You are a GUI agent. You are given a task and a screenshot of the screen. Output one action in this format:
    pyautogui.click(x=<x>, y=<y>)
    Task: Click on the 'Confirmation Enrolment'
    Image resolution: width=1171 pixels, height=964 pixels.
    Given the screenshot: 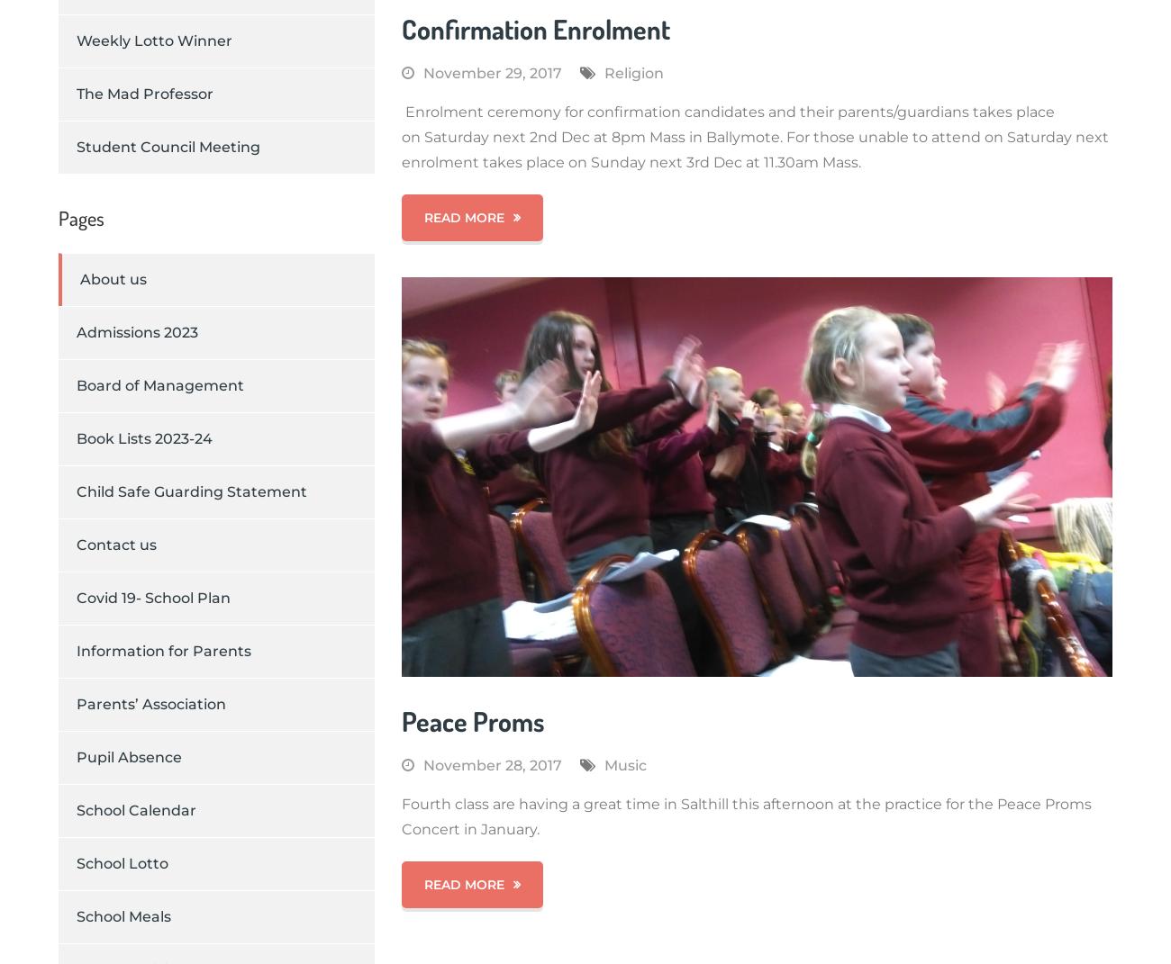 What is the action you would take?
    pyautogui.click(x=535, y=26)
    